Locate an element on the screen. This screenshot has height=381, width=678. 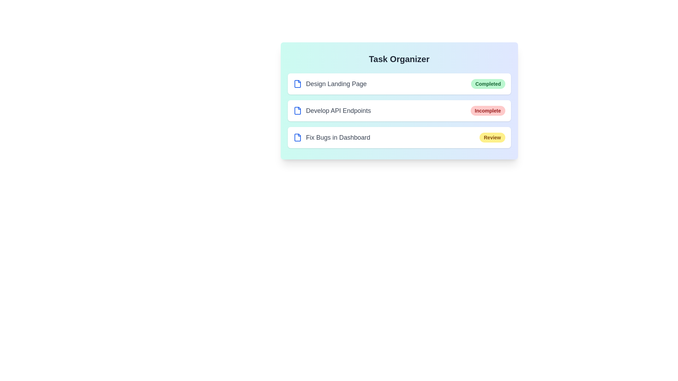
the status button of the task named Fix Bugs in Dashboard to toggle its completion status is located at coordinates (492, 137).